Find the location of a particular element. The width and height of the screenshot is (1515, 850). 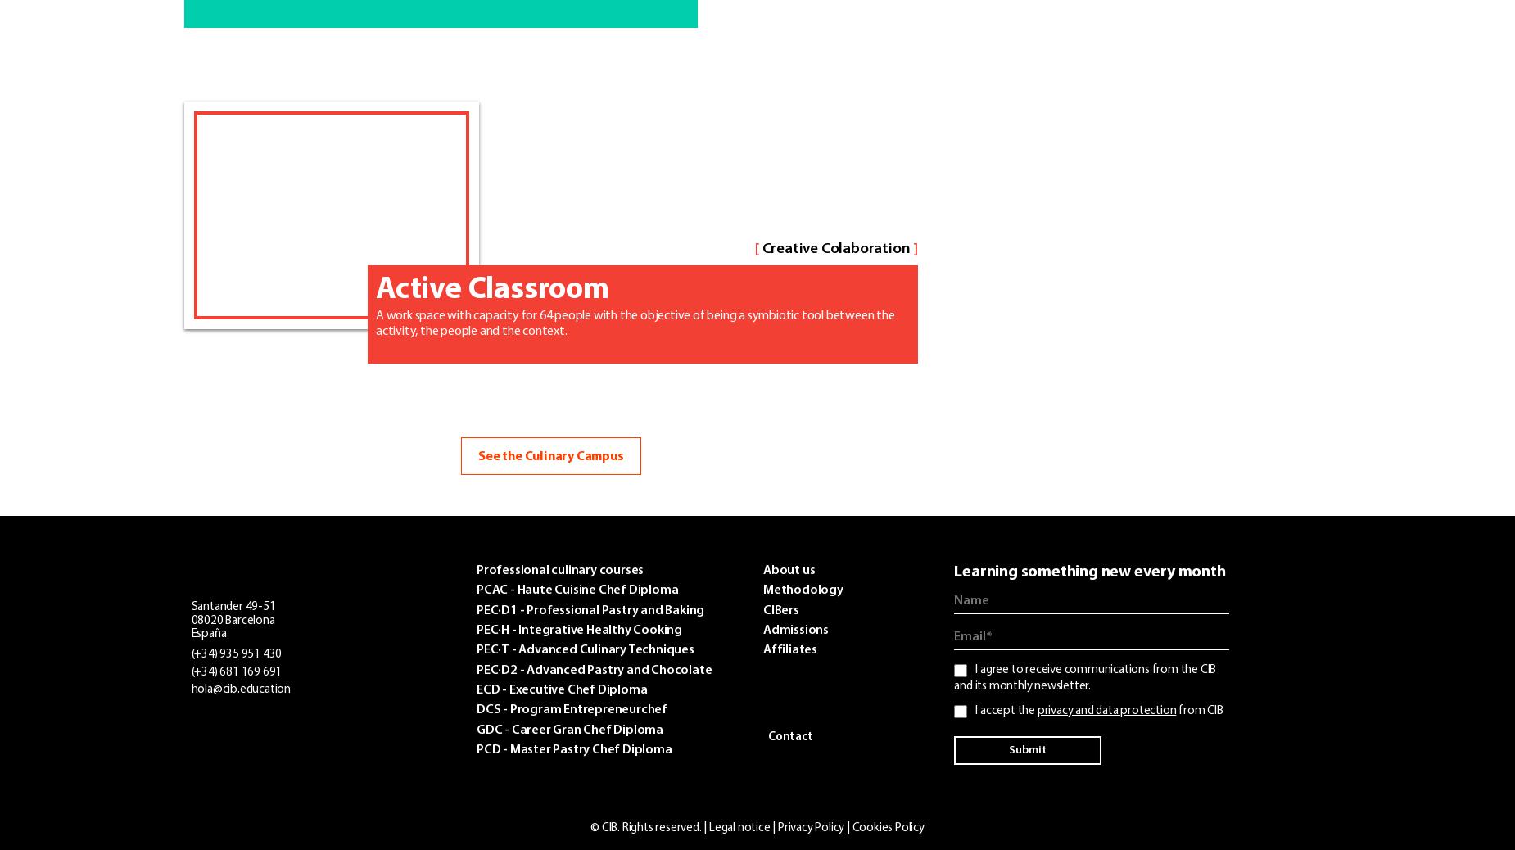

'Active Classroom' is located at coordinates (492, 289).